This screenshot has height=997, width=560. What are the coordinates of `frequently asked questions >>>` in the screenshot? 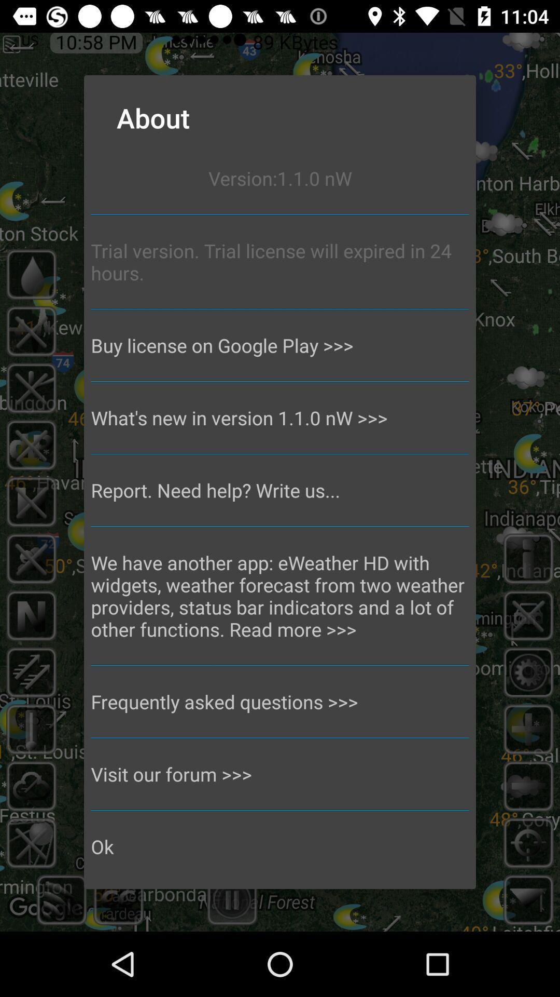 It's located at (280, 702).